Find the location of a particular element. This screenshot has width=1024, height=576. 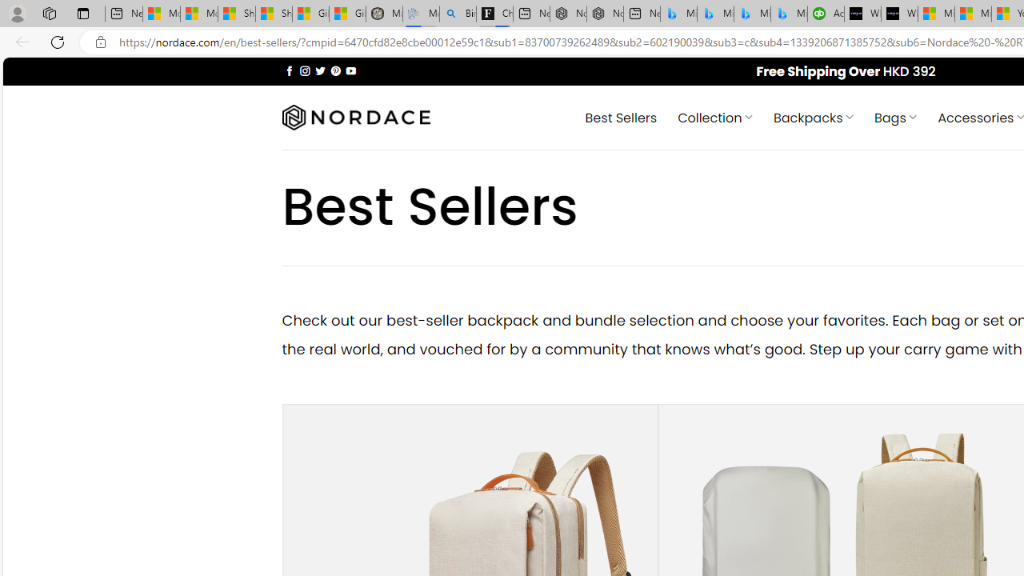

'Microsoft Bing Travel - Shangri-La Hotel Bangkok' is located at coordinates (789, 14).